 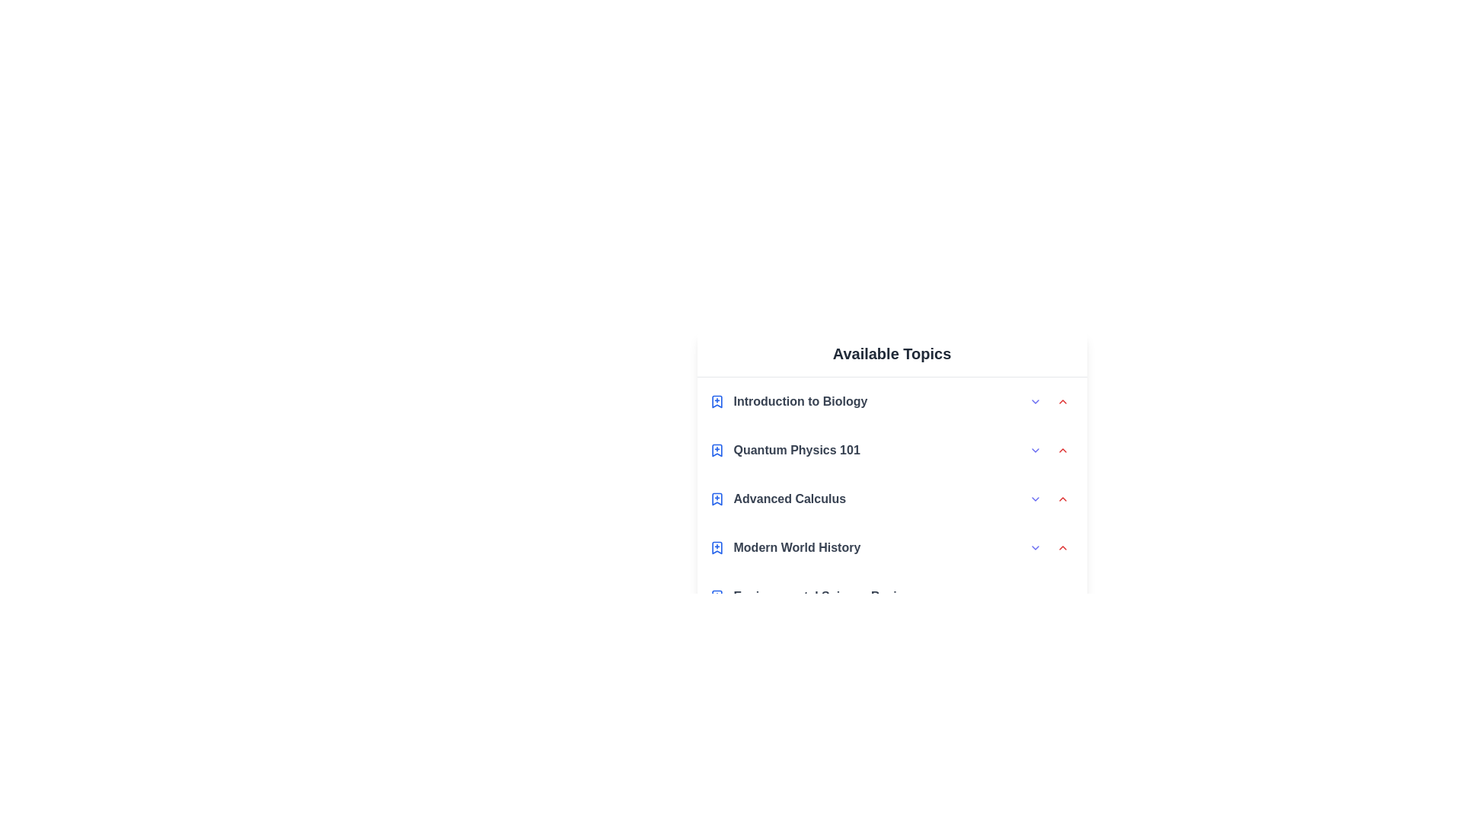 I want to click on the topic Quantum Physics 101 to highlight it, so click(x=892, y=449).